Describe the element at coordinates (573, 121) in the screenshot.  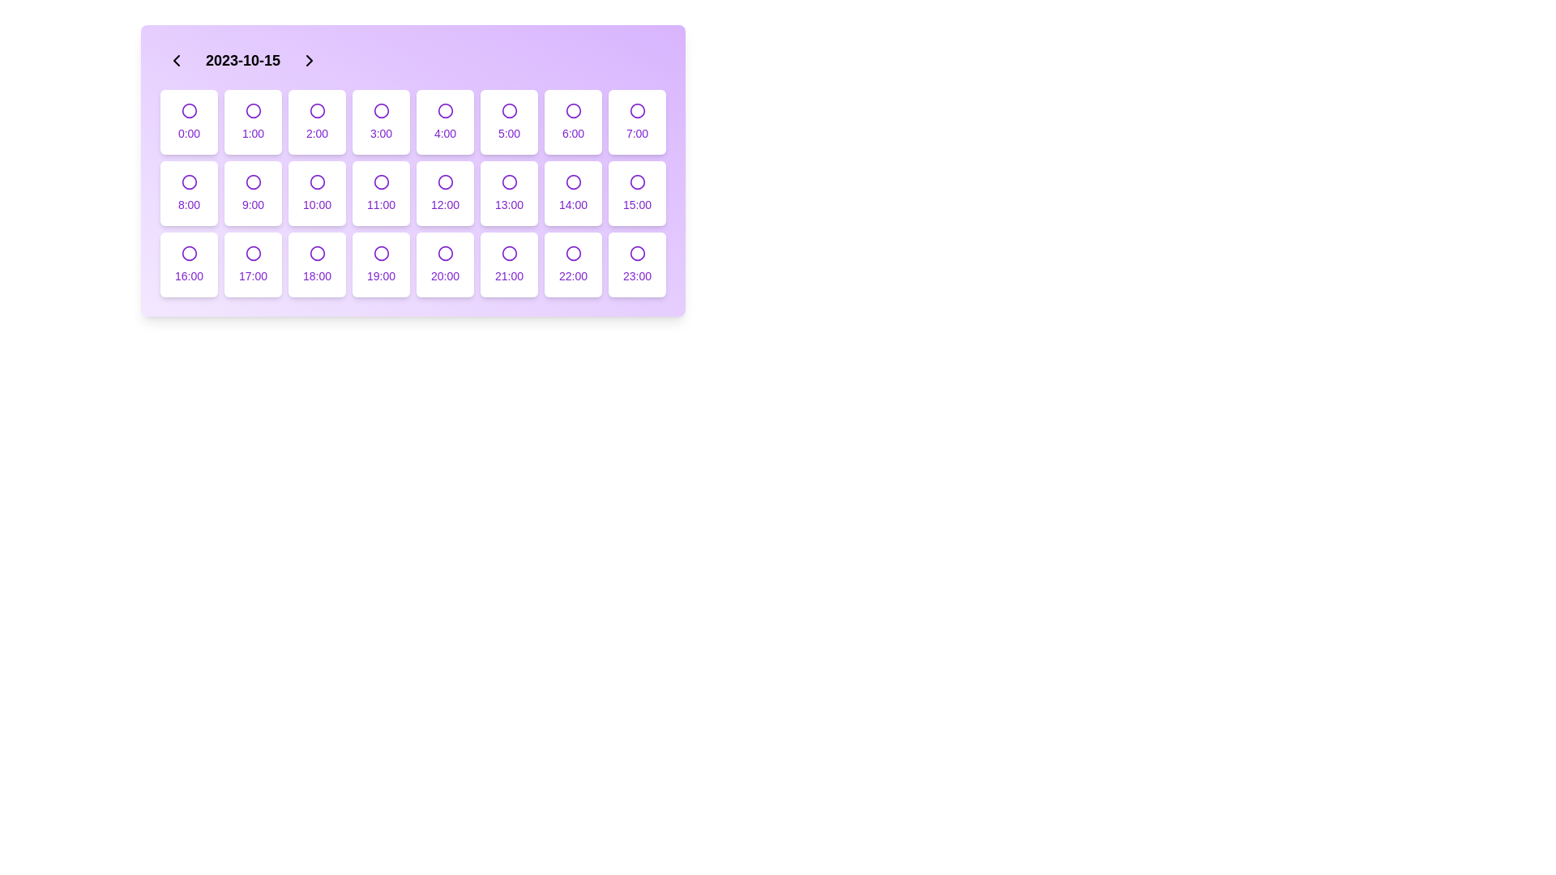
I see `the button labeled '6:00' which is a square box with a purple font and an unfilled circle icon` at that location.